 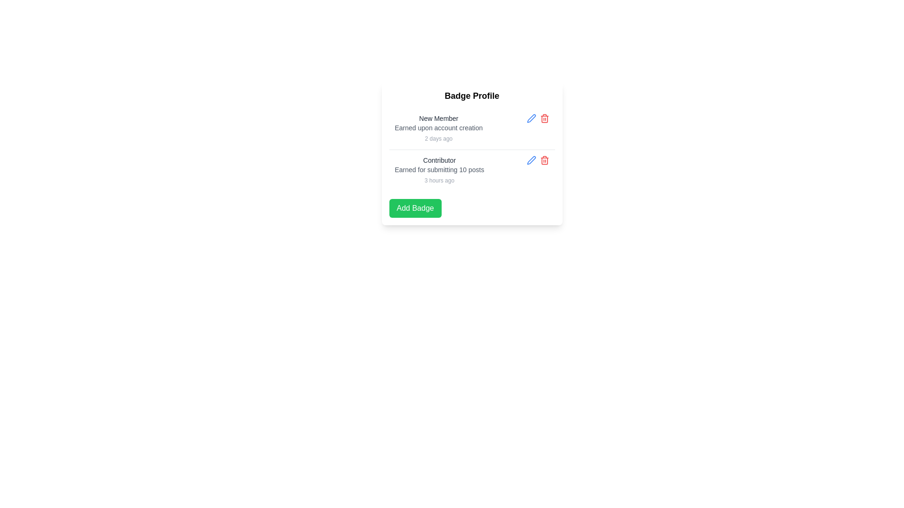 What do you see at coordinates (538, 118) in the screenshot?
I see `the red-colored trash can icon located at the top-right corner of the 'New Member' badge entry` at bounding box center [538, 118].